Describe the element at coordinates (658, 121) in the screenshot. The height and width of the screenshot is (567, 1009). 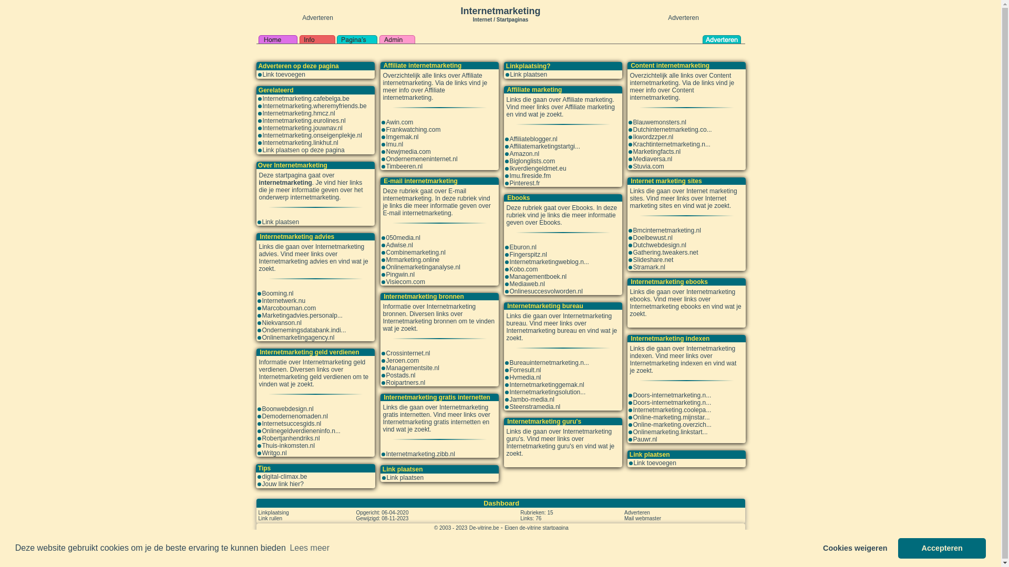
I see `'Blauwemonsters.nl'` at that location.